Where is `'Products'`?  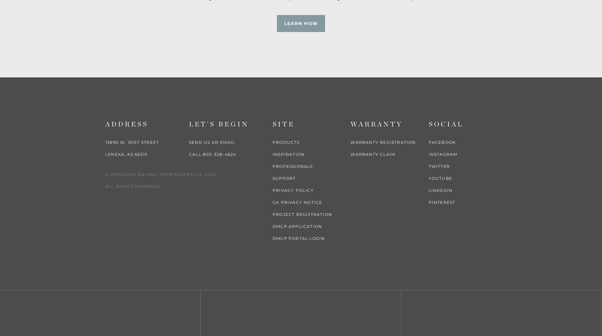 'Products' is located at coordinates (273, 142).